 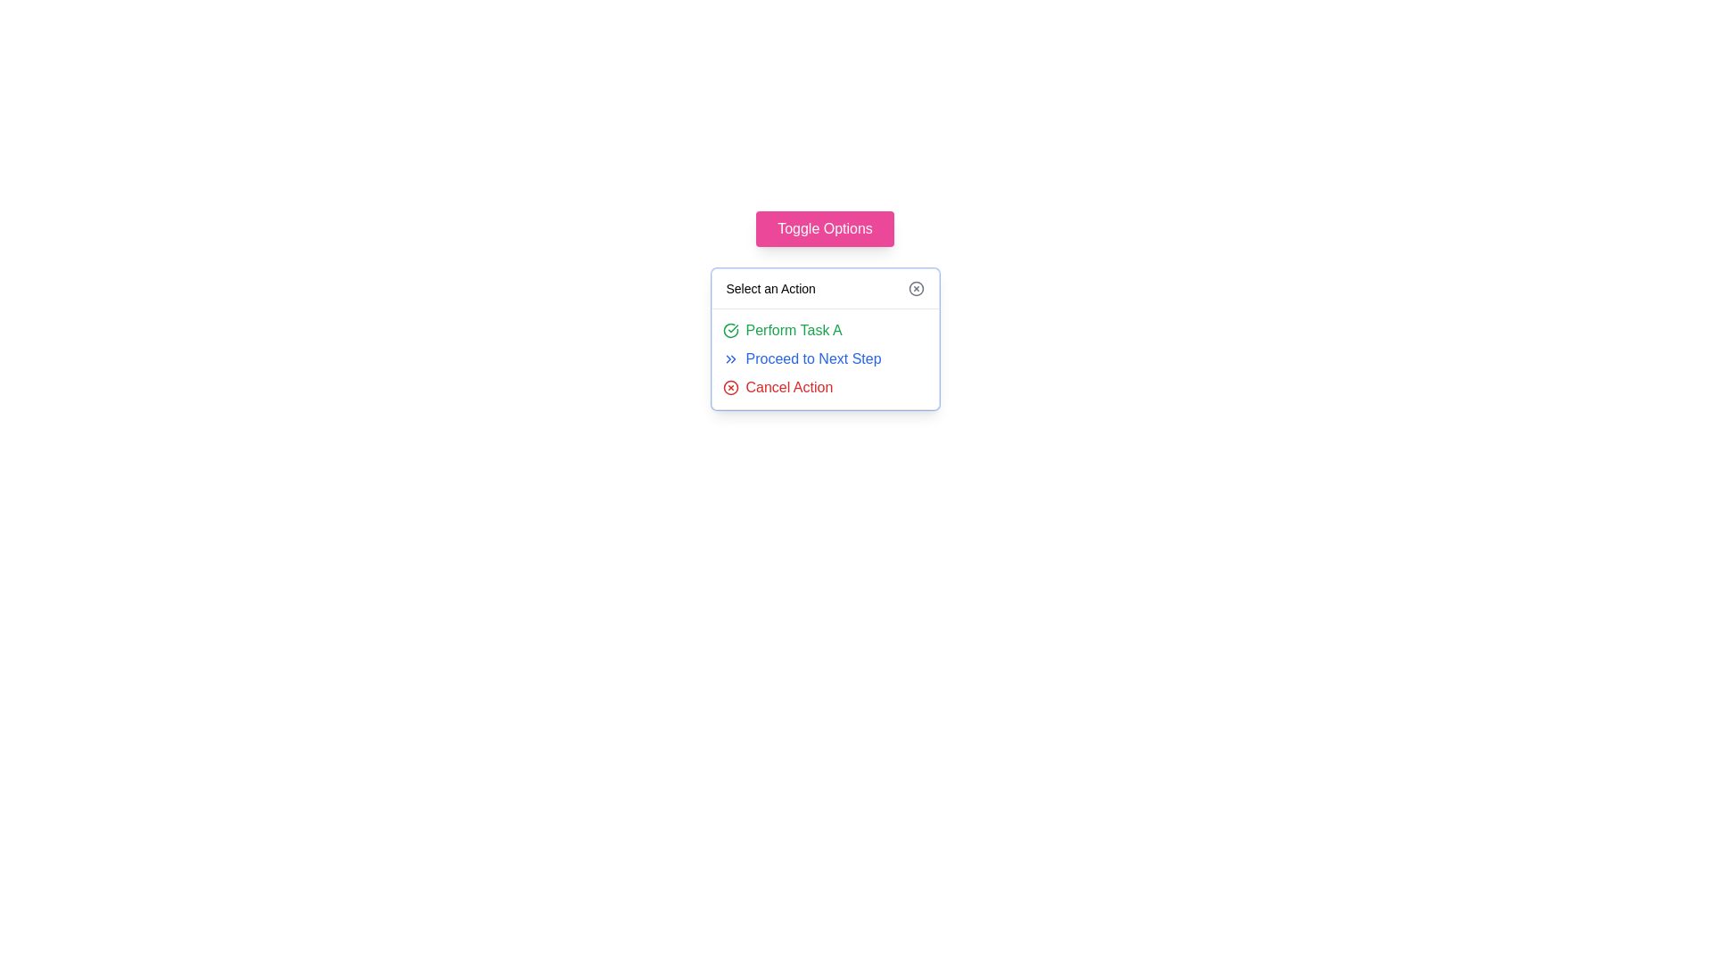 I want to click on the Icon button located at the bottom of the menu list, adjacent to the red 'Cancel Action' text, so click(x=730, y=387).